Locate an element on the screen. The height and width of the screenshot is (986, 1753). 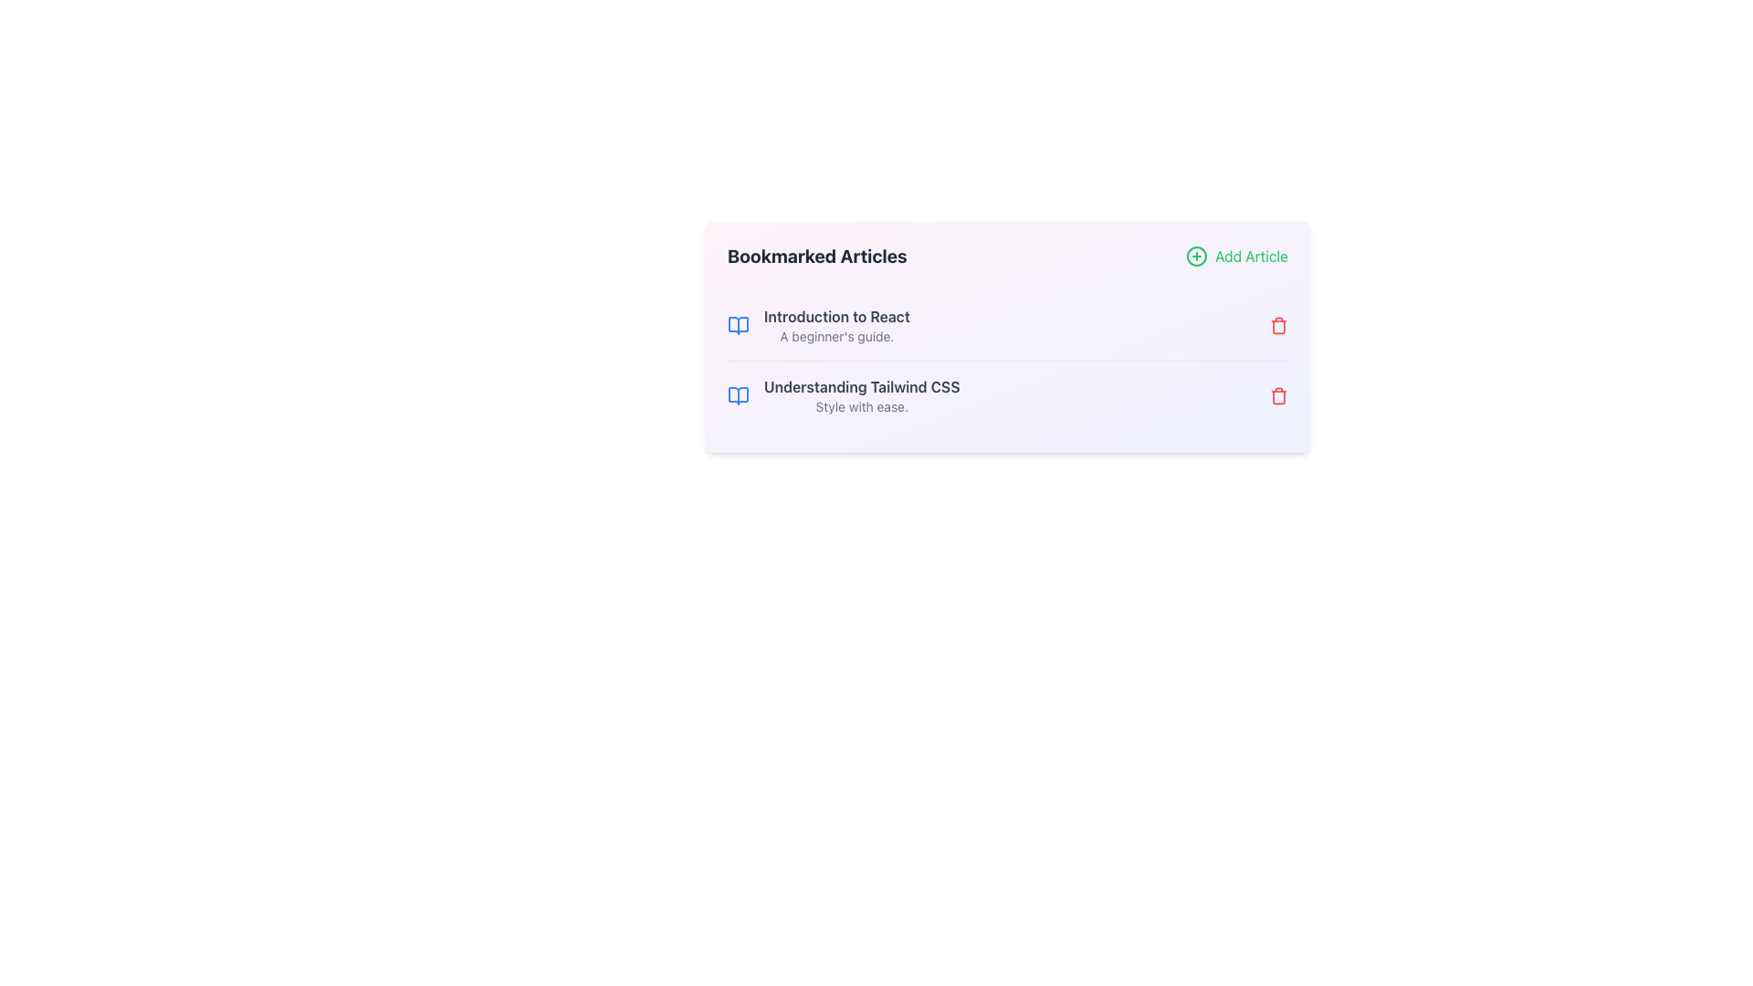
the Text Information Block element that displays 'Understanding Tailwind CSS' and 'Style with ease', located under the 'Bookmarked Articles' heading is located at coordinates (861, 395).